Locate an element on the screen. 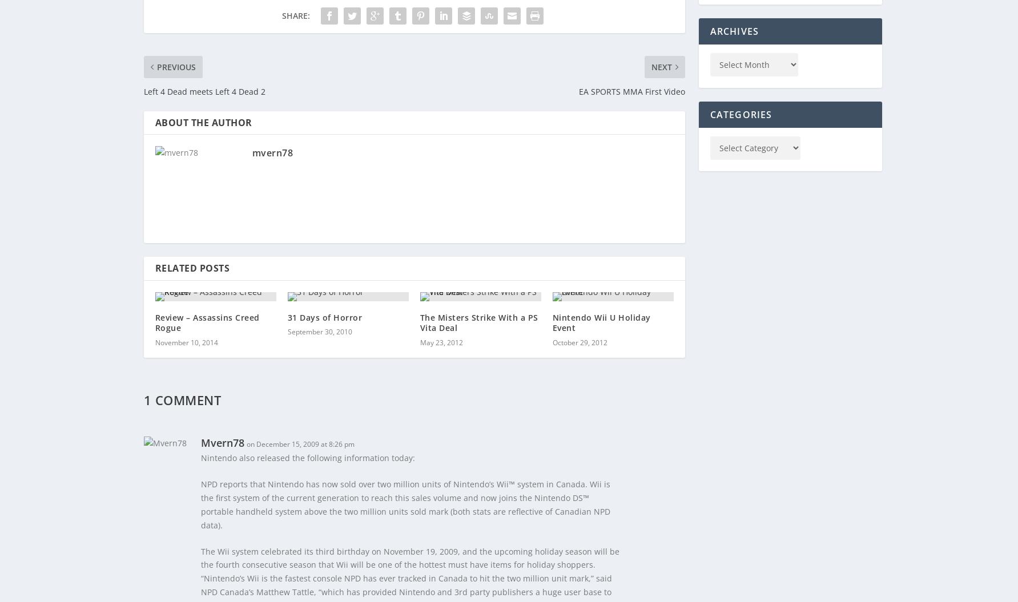  'mvern78' is located at coordinates (251, 152).